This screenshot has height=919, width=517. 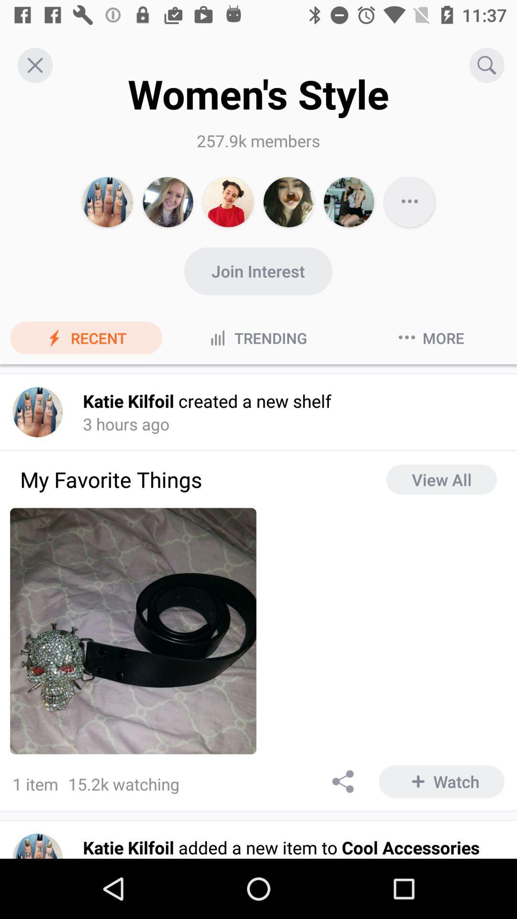 What do you see at coordinates (343, 781) in the screenshot?
I see `share` at bounding box center [343, 781].